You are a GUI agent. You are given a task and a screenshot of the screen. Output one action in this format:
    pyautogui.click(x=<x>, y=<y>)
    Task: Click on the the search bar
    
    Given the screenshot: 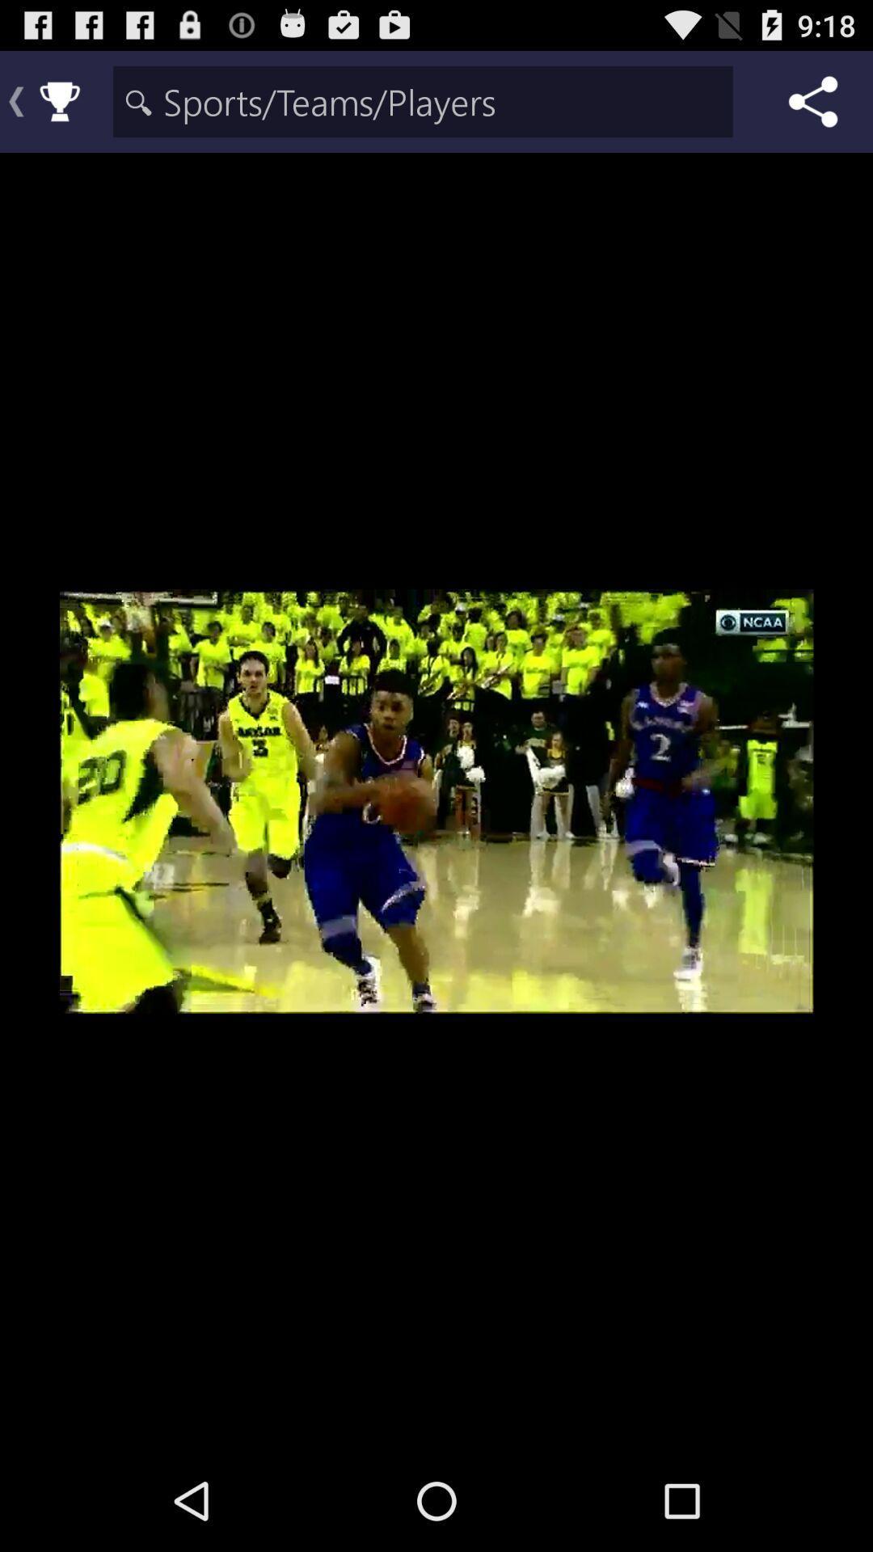 What is the action you would take?
    pyautogui.click(x=422, y=100)
    